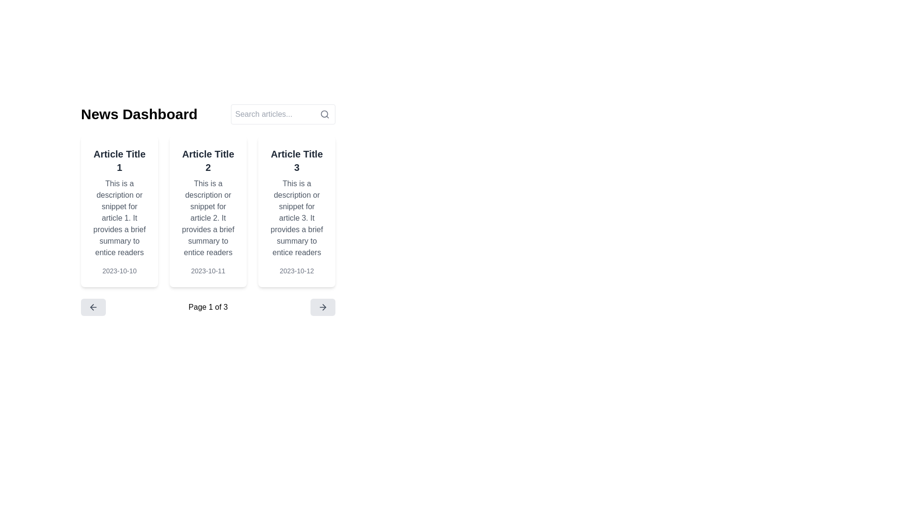  I want to click on the left-pointing arrow icon within the rounded rectangular button in the bottom left corner of the main interface, so click(93, 307).